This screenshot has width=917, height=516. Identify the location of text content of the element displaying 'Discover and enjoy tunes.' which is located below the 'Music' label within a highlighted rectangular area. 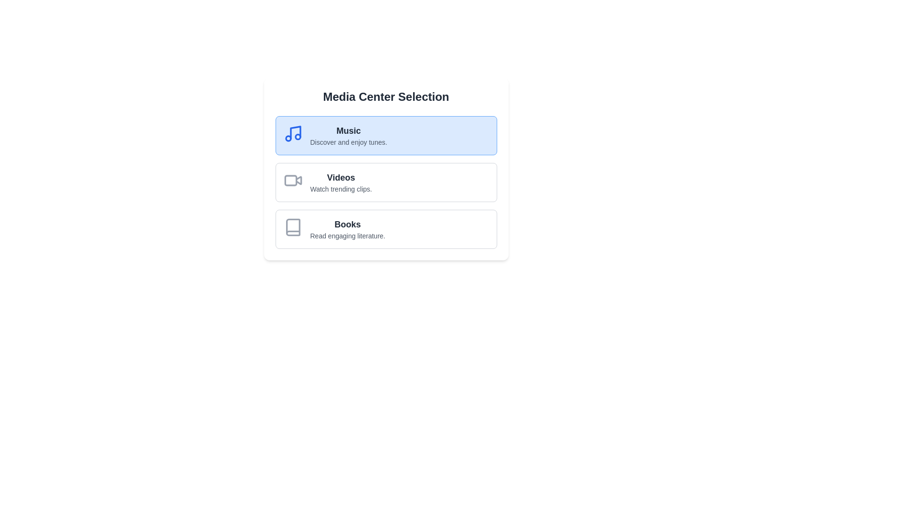
(348, 142).